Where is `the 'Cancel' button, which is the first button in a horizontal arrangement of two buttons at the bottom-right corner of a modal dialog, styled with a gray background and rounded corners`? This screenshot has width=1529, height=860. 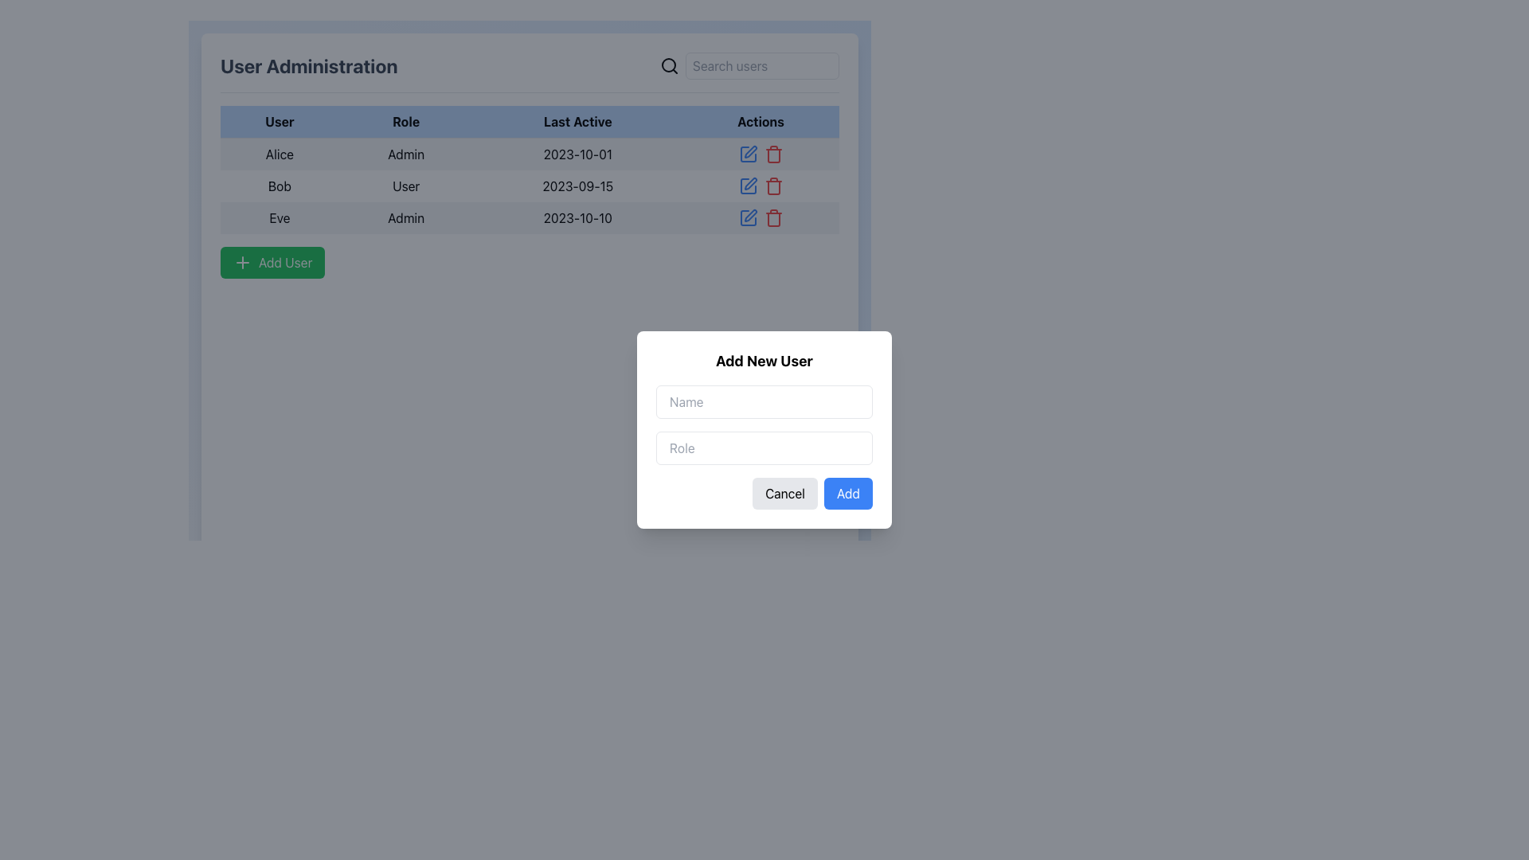 the 'Cancel' button, which is the first button in a horizontal arrangement of two buttons at the bottom-right corner of a modal dialog, styled with a gray background and rounded corners is located at coordinates (785, 493).